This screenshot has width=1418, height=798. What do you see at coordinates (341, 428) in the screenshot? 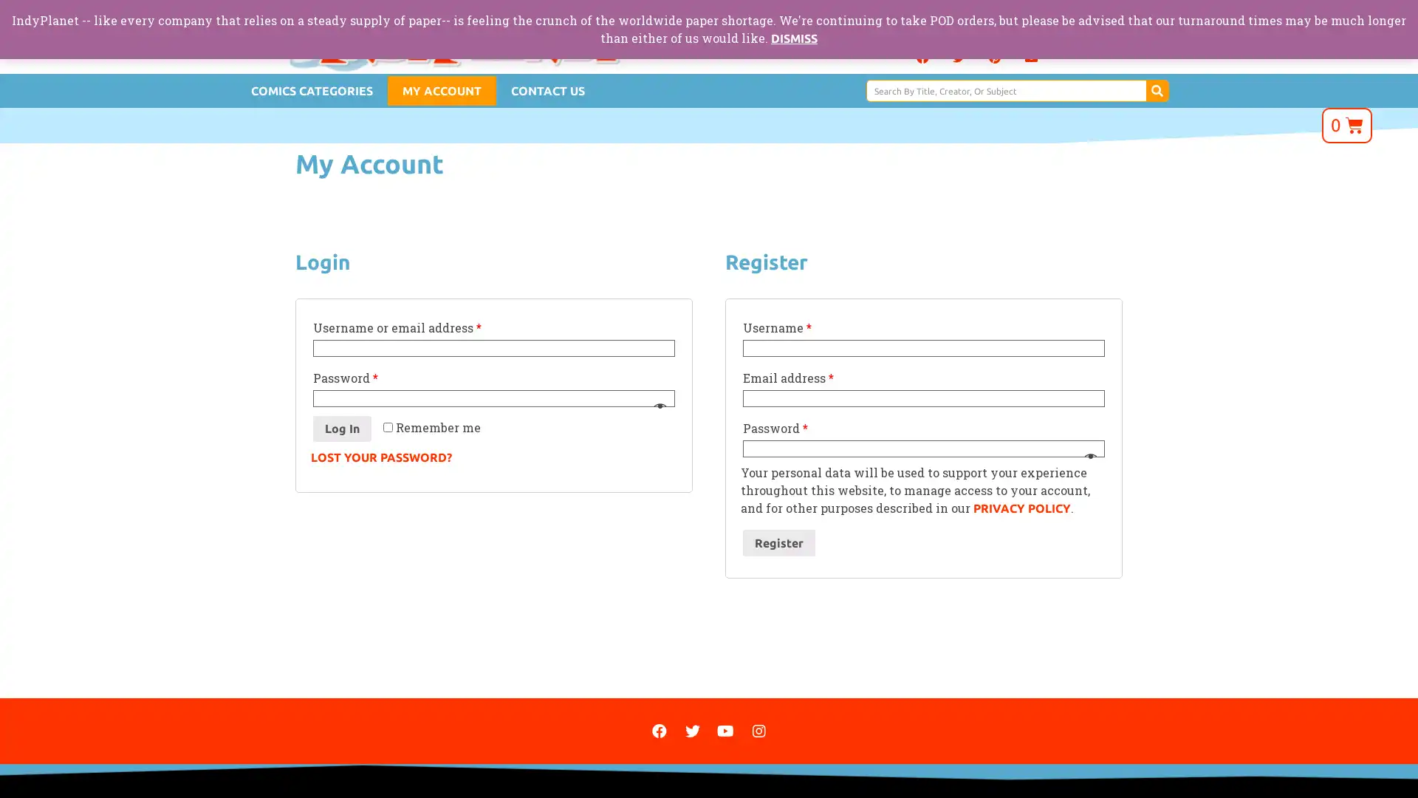
I see `Log In` at bounding box center [341, 428].